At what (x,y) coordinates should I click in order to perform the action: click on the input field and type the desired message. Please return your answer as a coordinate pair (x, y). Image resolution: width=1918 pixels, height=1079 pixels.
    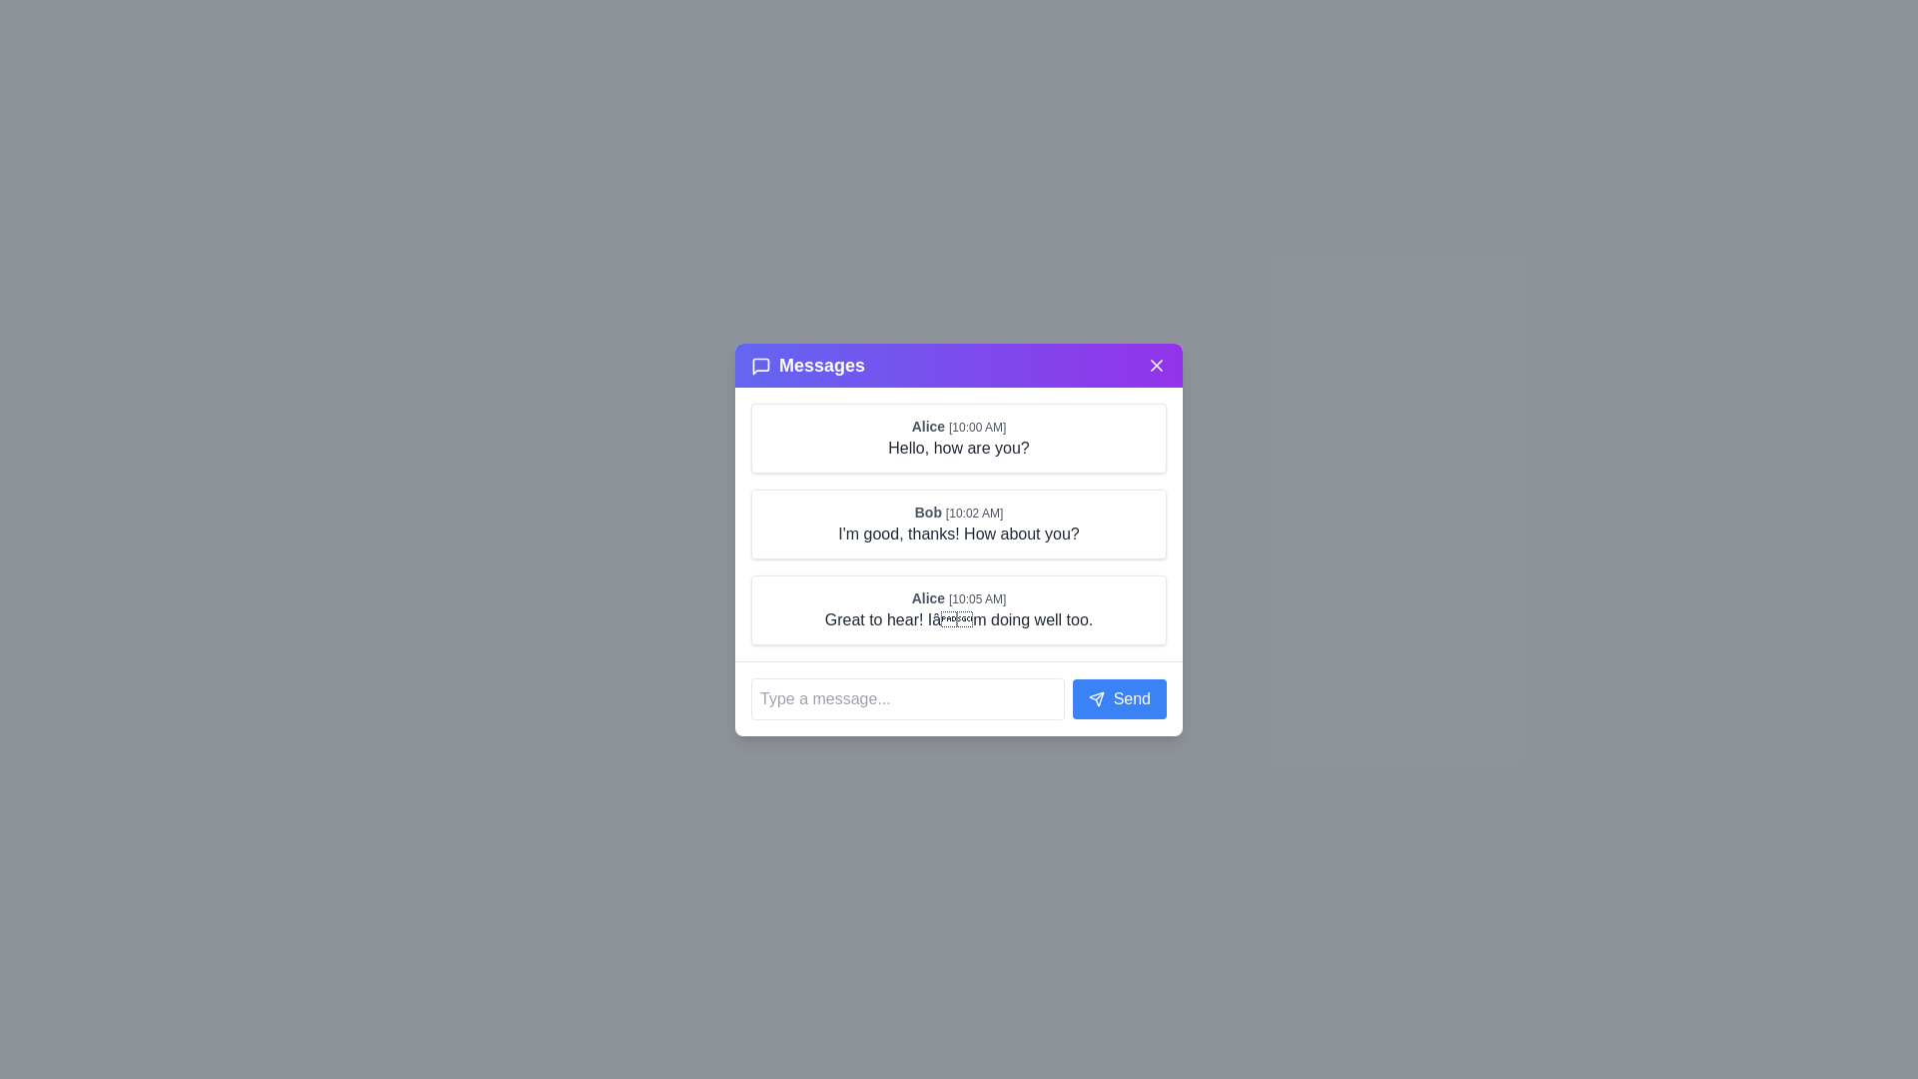
    Looking at the image, I should click on (906, 696).